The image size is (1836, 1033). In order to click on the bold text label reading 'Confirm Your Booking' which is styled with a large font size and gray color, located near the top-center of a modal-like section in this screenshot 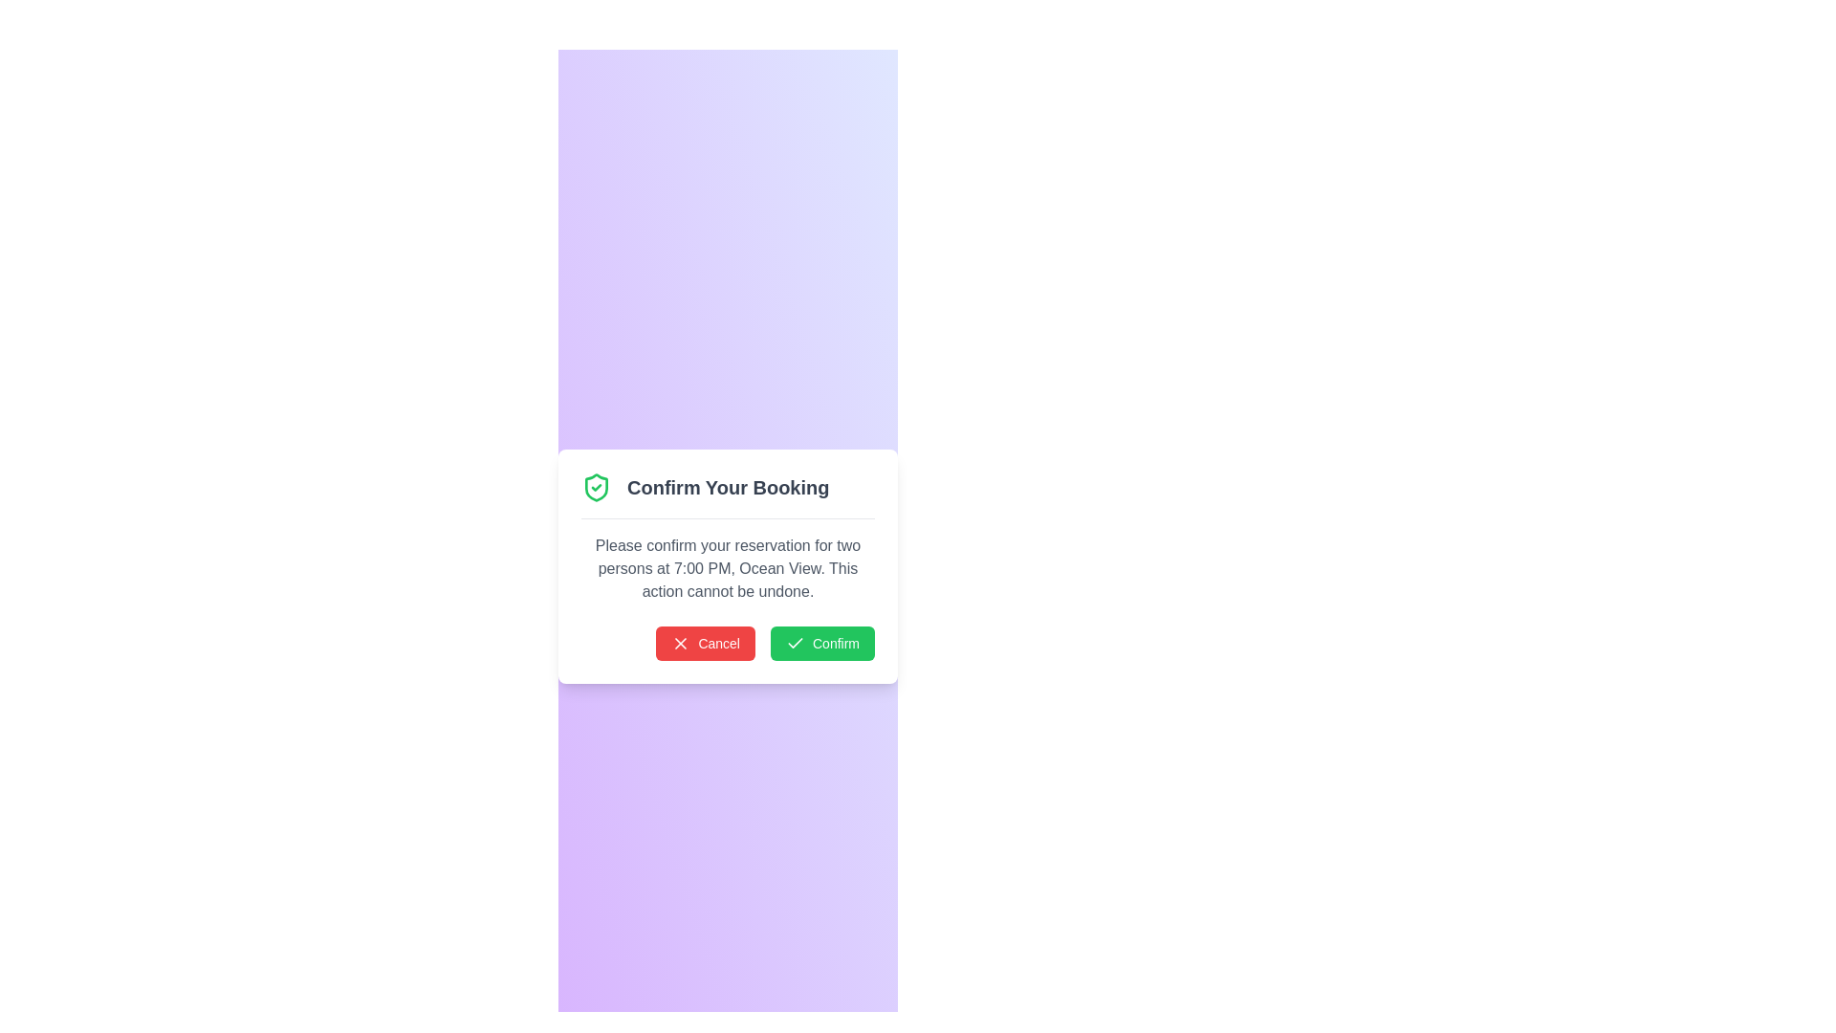, I will do `click(727, 486)`.